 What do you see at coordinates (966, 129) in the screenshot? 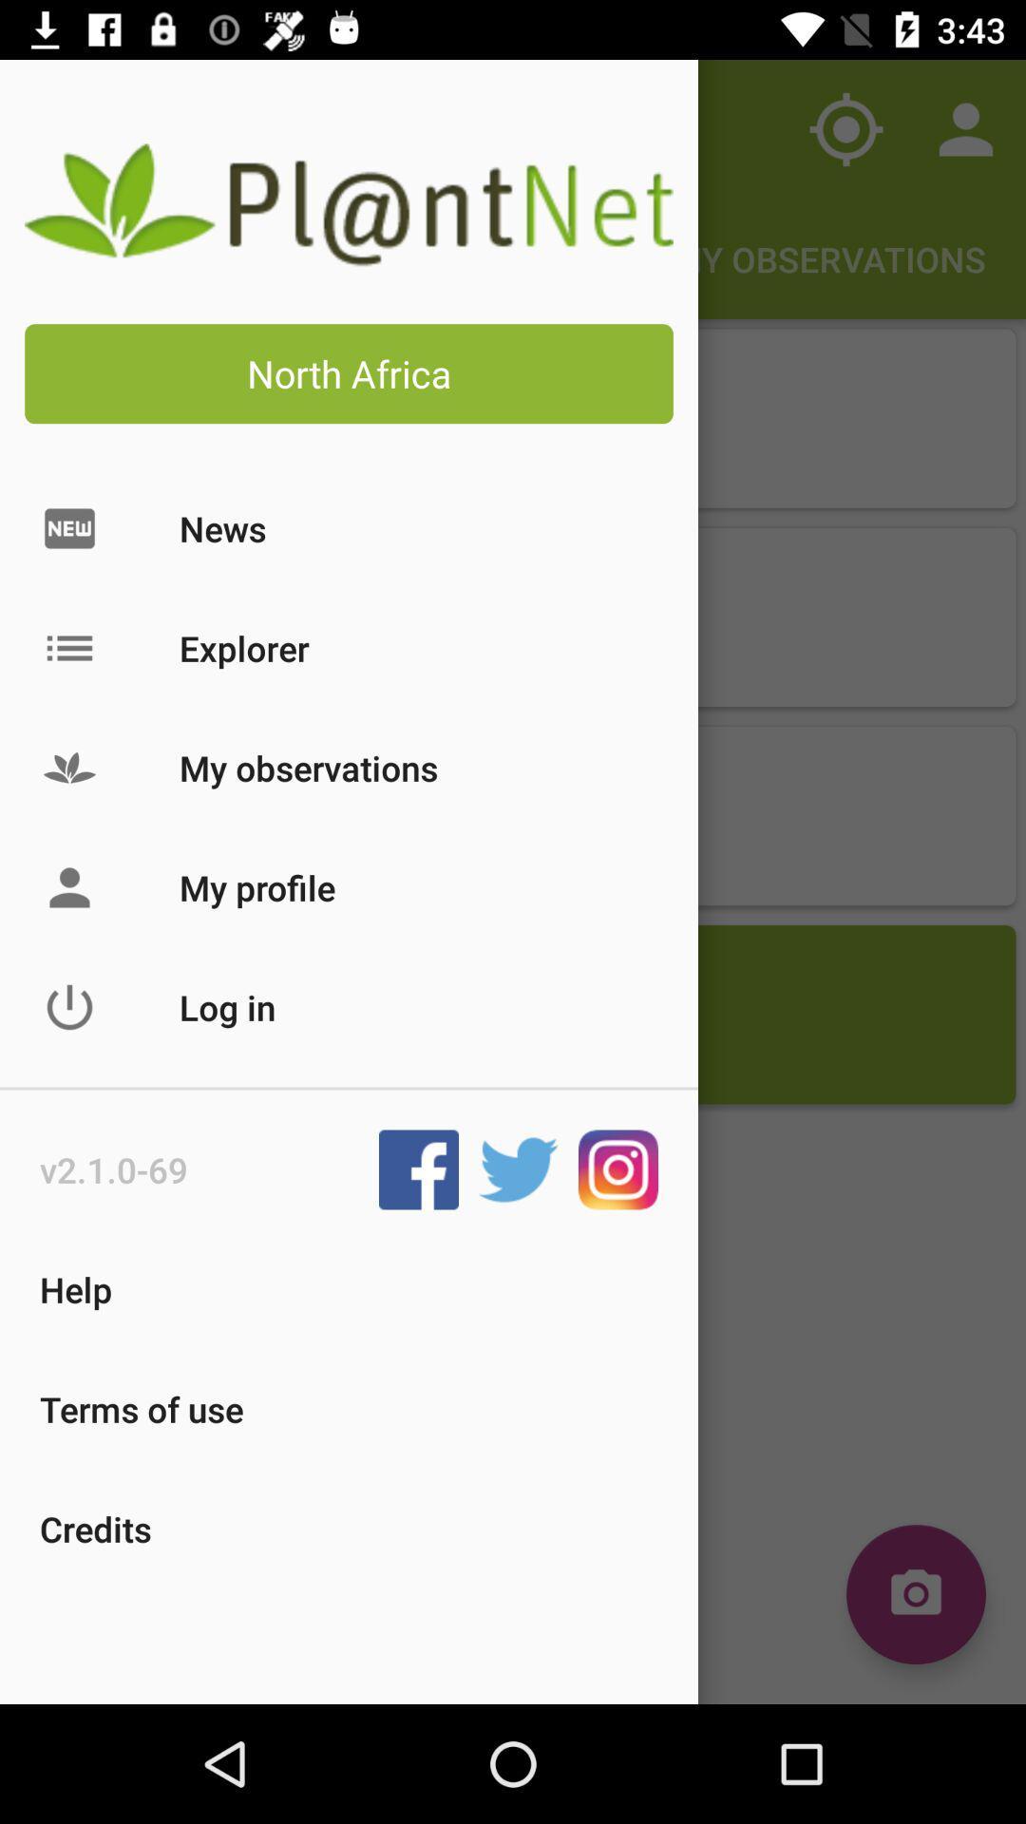
I see `profile icon which is on top right corner of the page` at bounding box center [966, 129].